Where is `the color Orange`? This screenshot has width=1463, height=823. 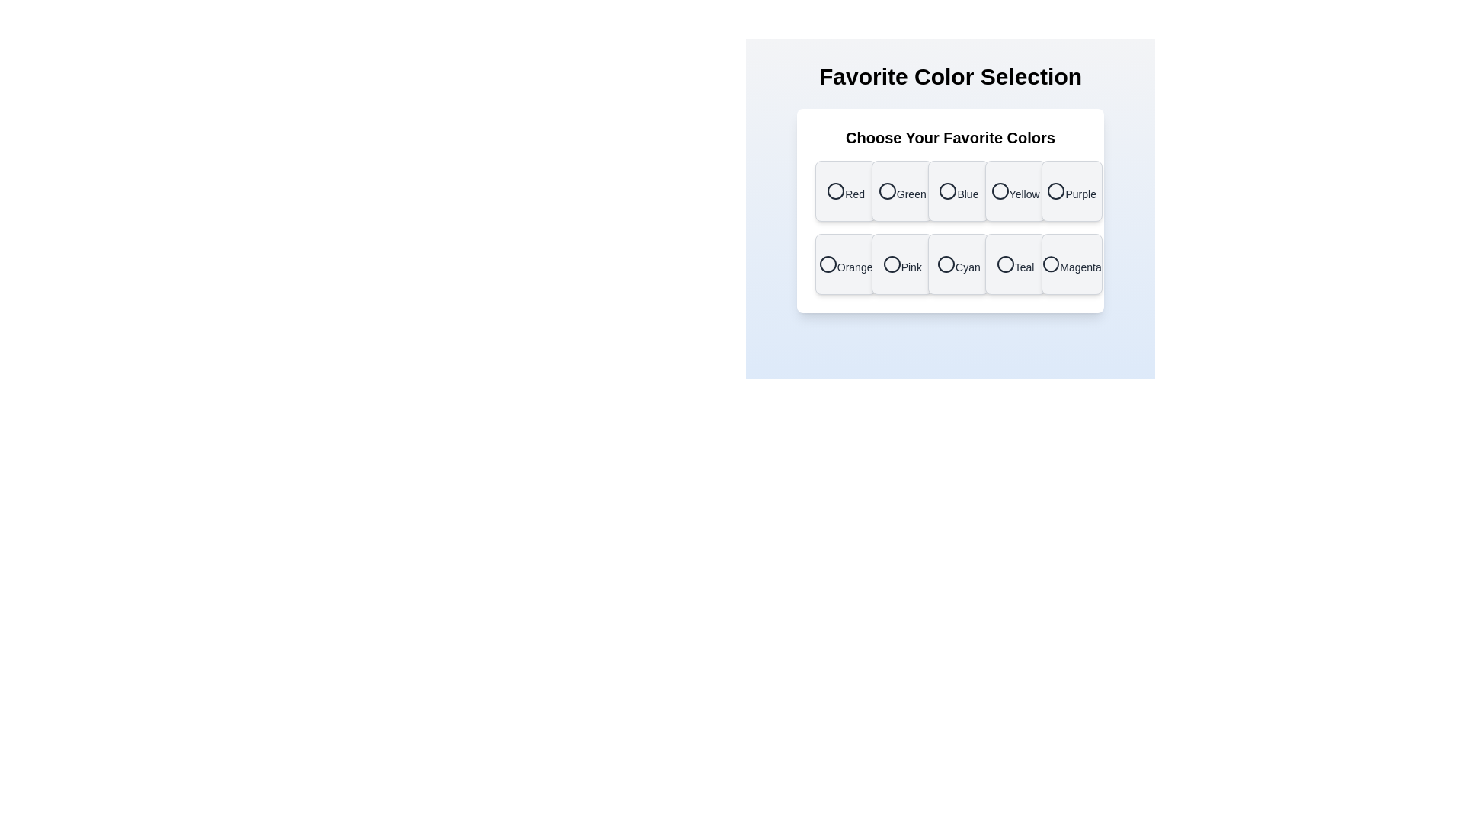
the color Orange is located at coordinates (845, 264).